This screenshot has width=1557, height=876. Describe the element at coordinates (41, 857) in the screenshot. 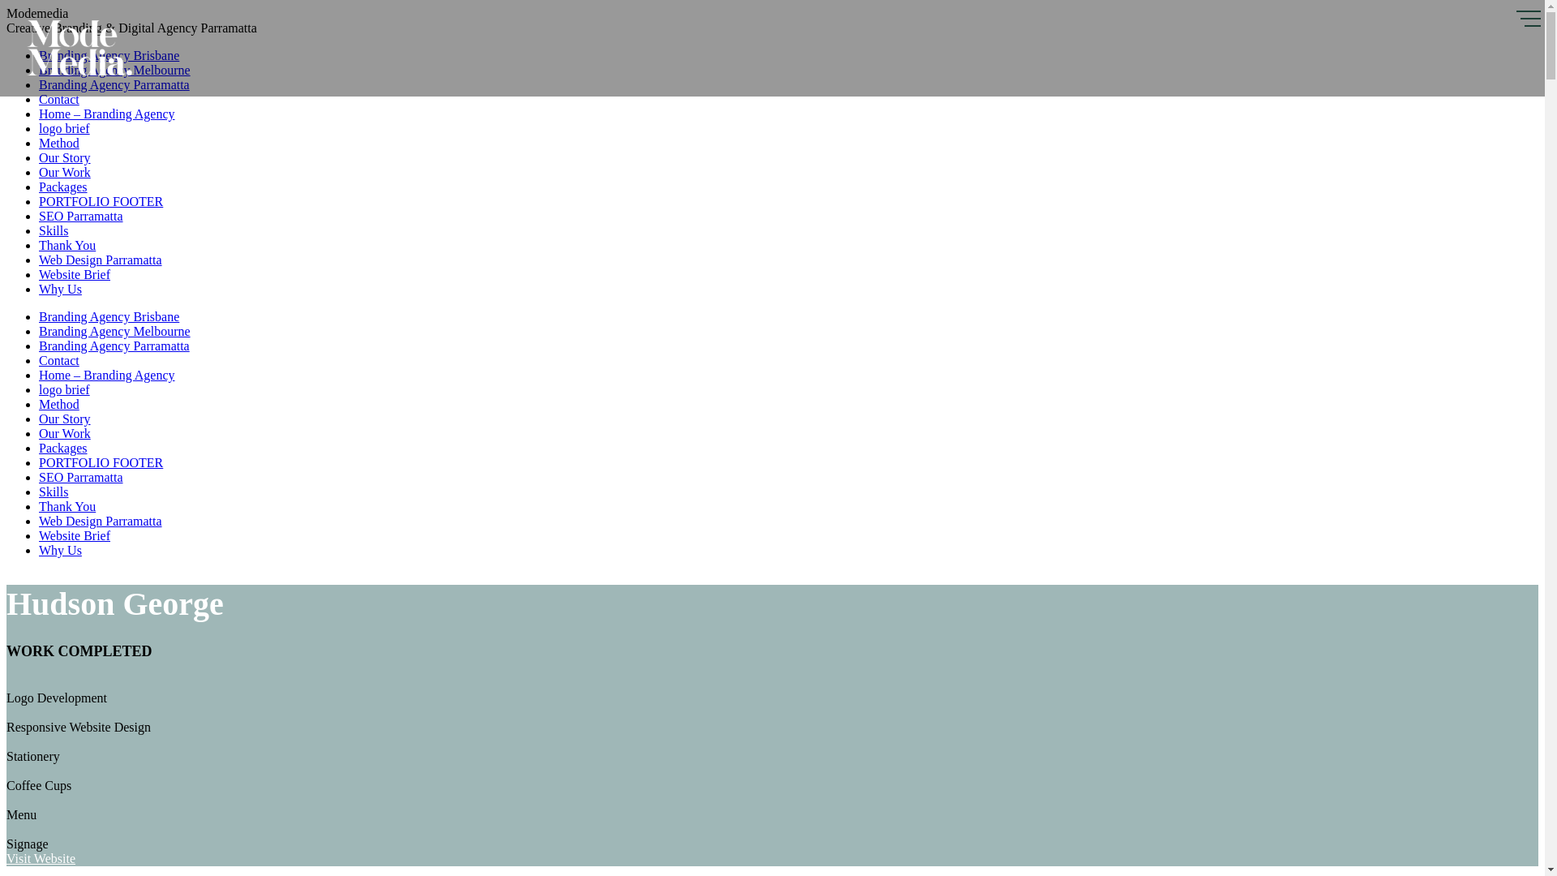

I see `'Visit Website'` at that location.